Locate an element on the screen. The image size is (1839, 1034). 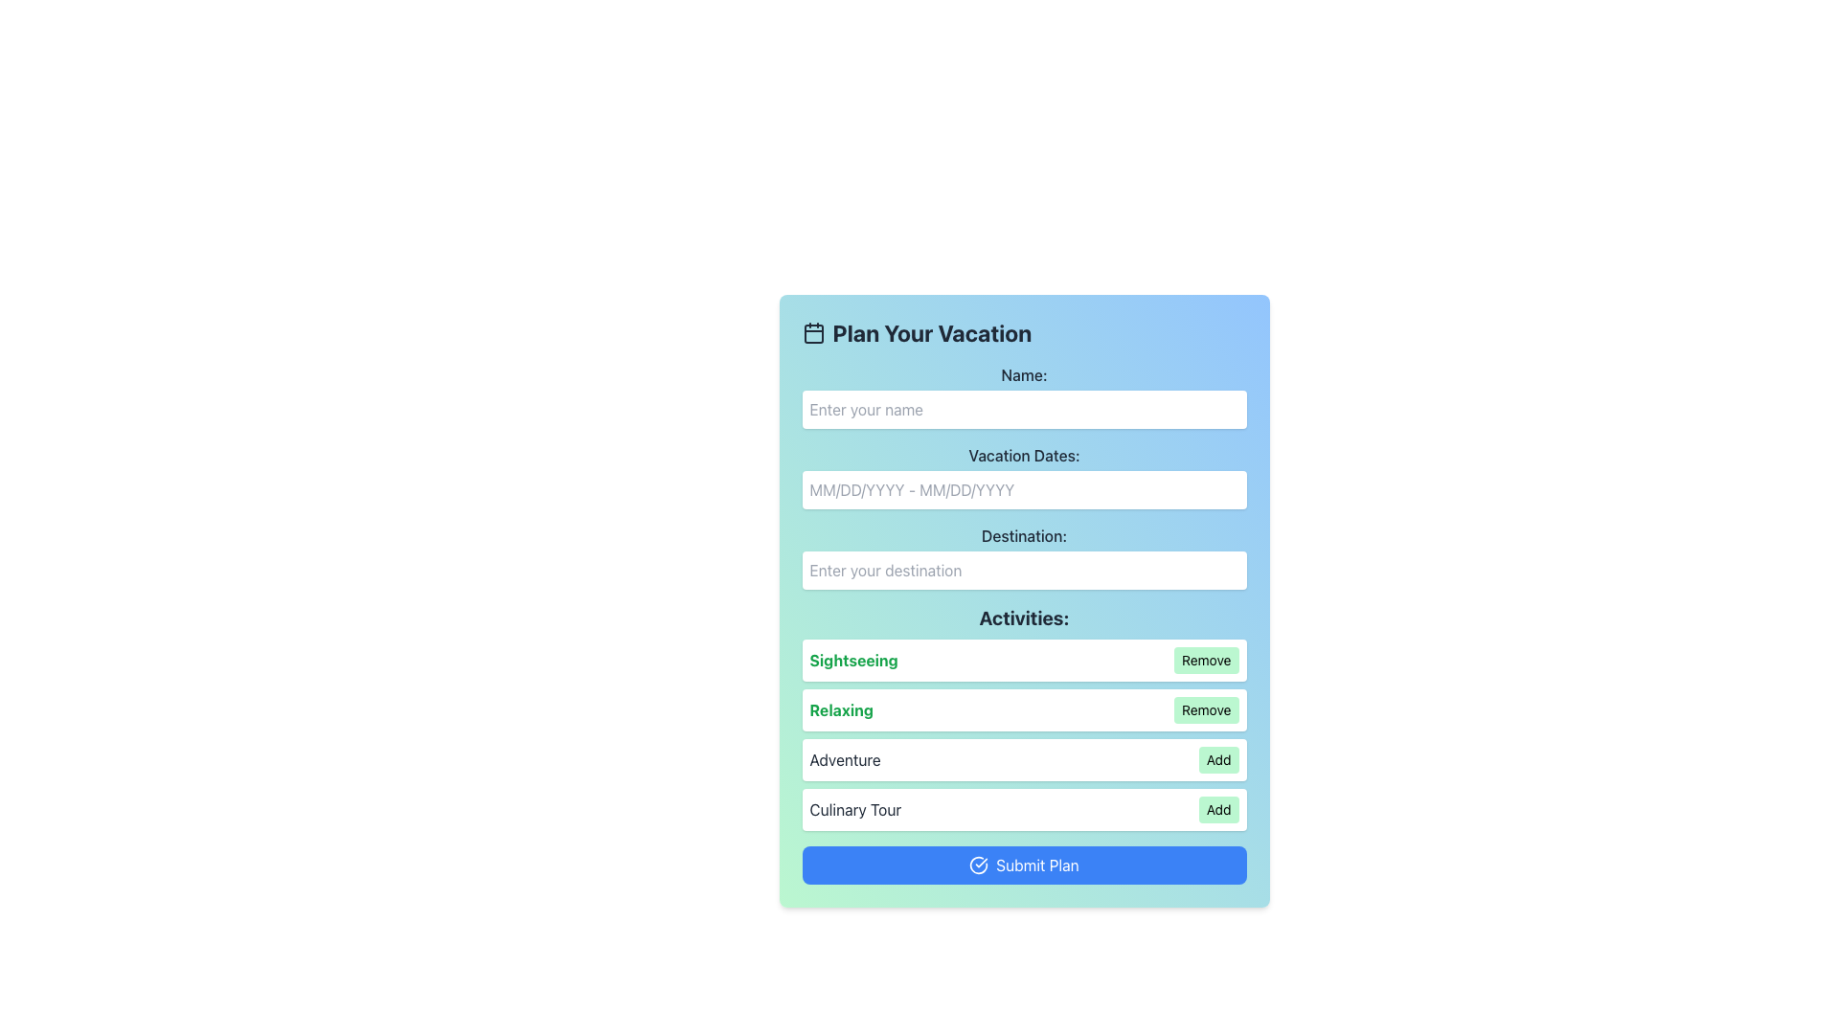
the visual indicator icon on the left side of the 'Submit Plan' button to acknowledge it is located at coordinates (979, 865).